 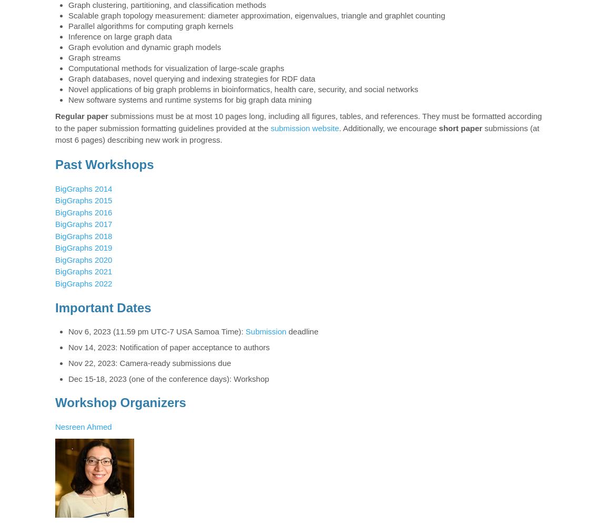 I want to click on 'Nov 6, 2023 (11.59 pm UTC-7 USA Samoa Time):', so click(x=156, y=331).